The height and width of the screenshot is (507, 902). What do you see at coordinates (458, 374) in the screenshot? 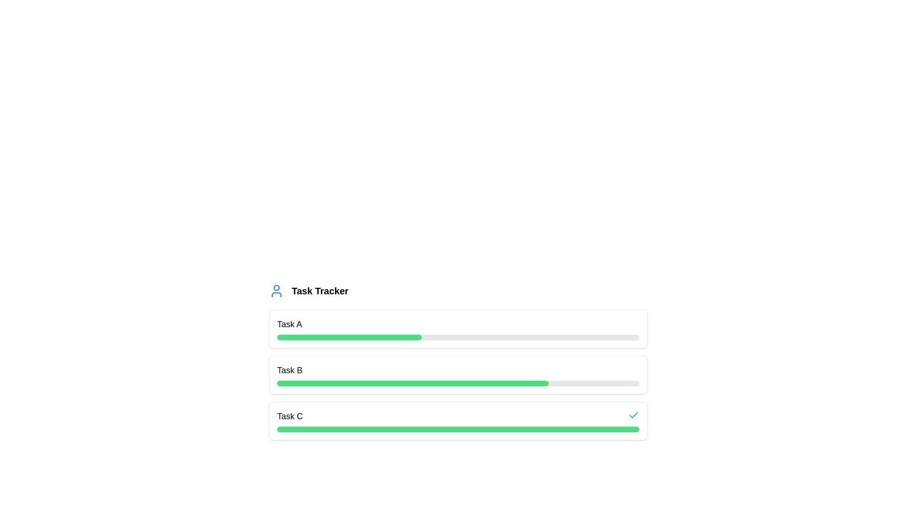
I see `the progress bar of 'Task B'` at bounding box center [458, 374].